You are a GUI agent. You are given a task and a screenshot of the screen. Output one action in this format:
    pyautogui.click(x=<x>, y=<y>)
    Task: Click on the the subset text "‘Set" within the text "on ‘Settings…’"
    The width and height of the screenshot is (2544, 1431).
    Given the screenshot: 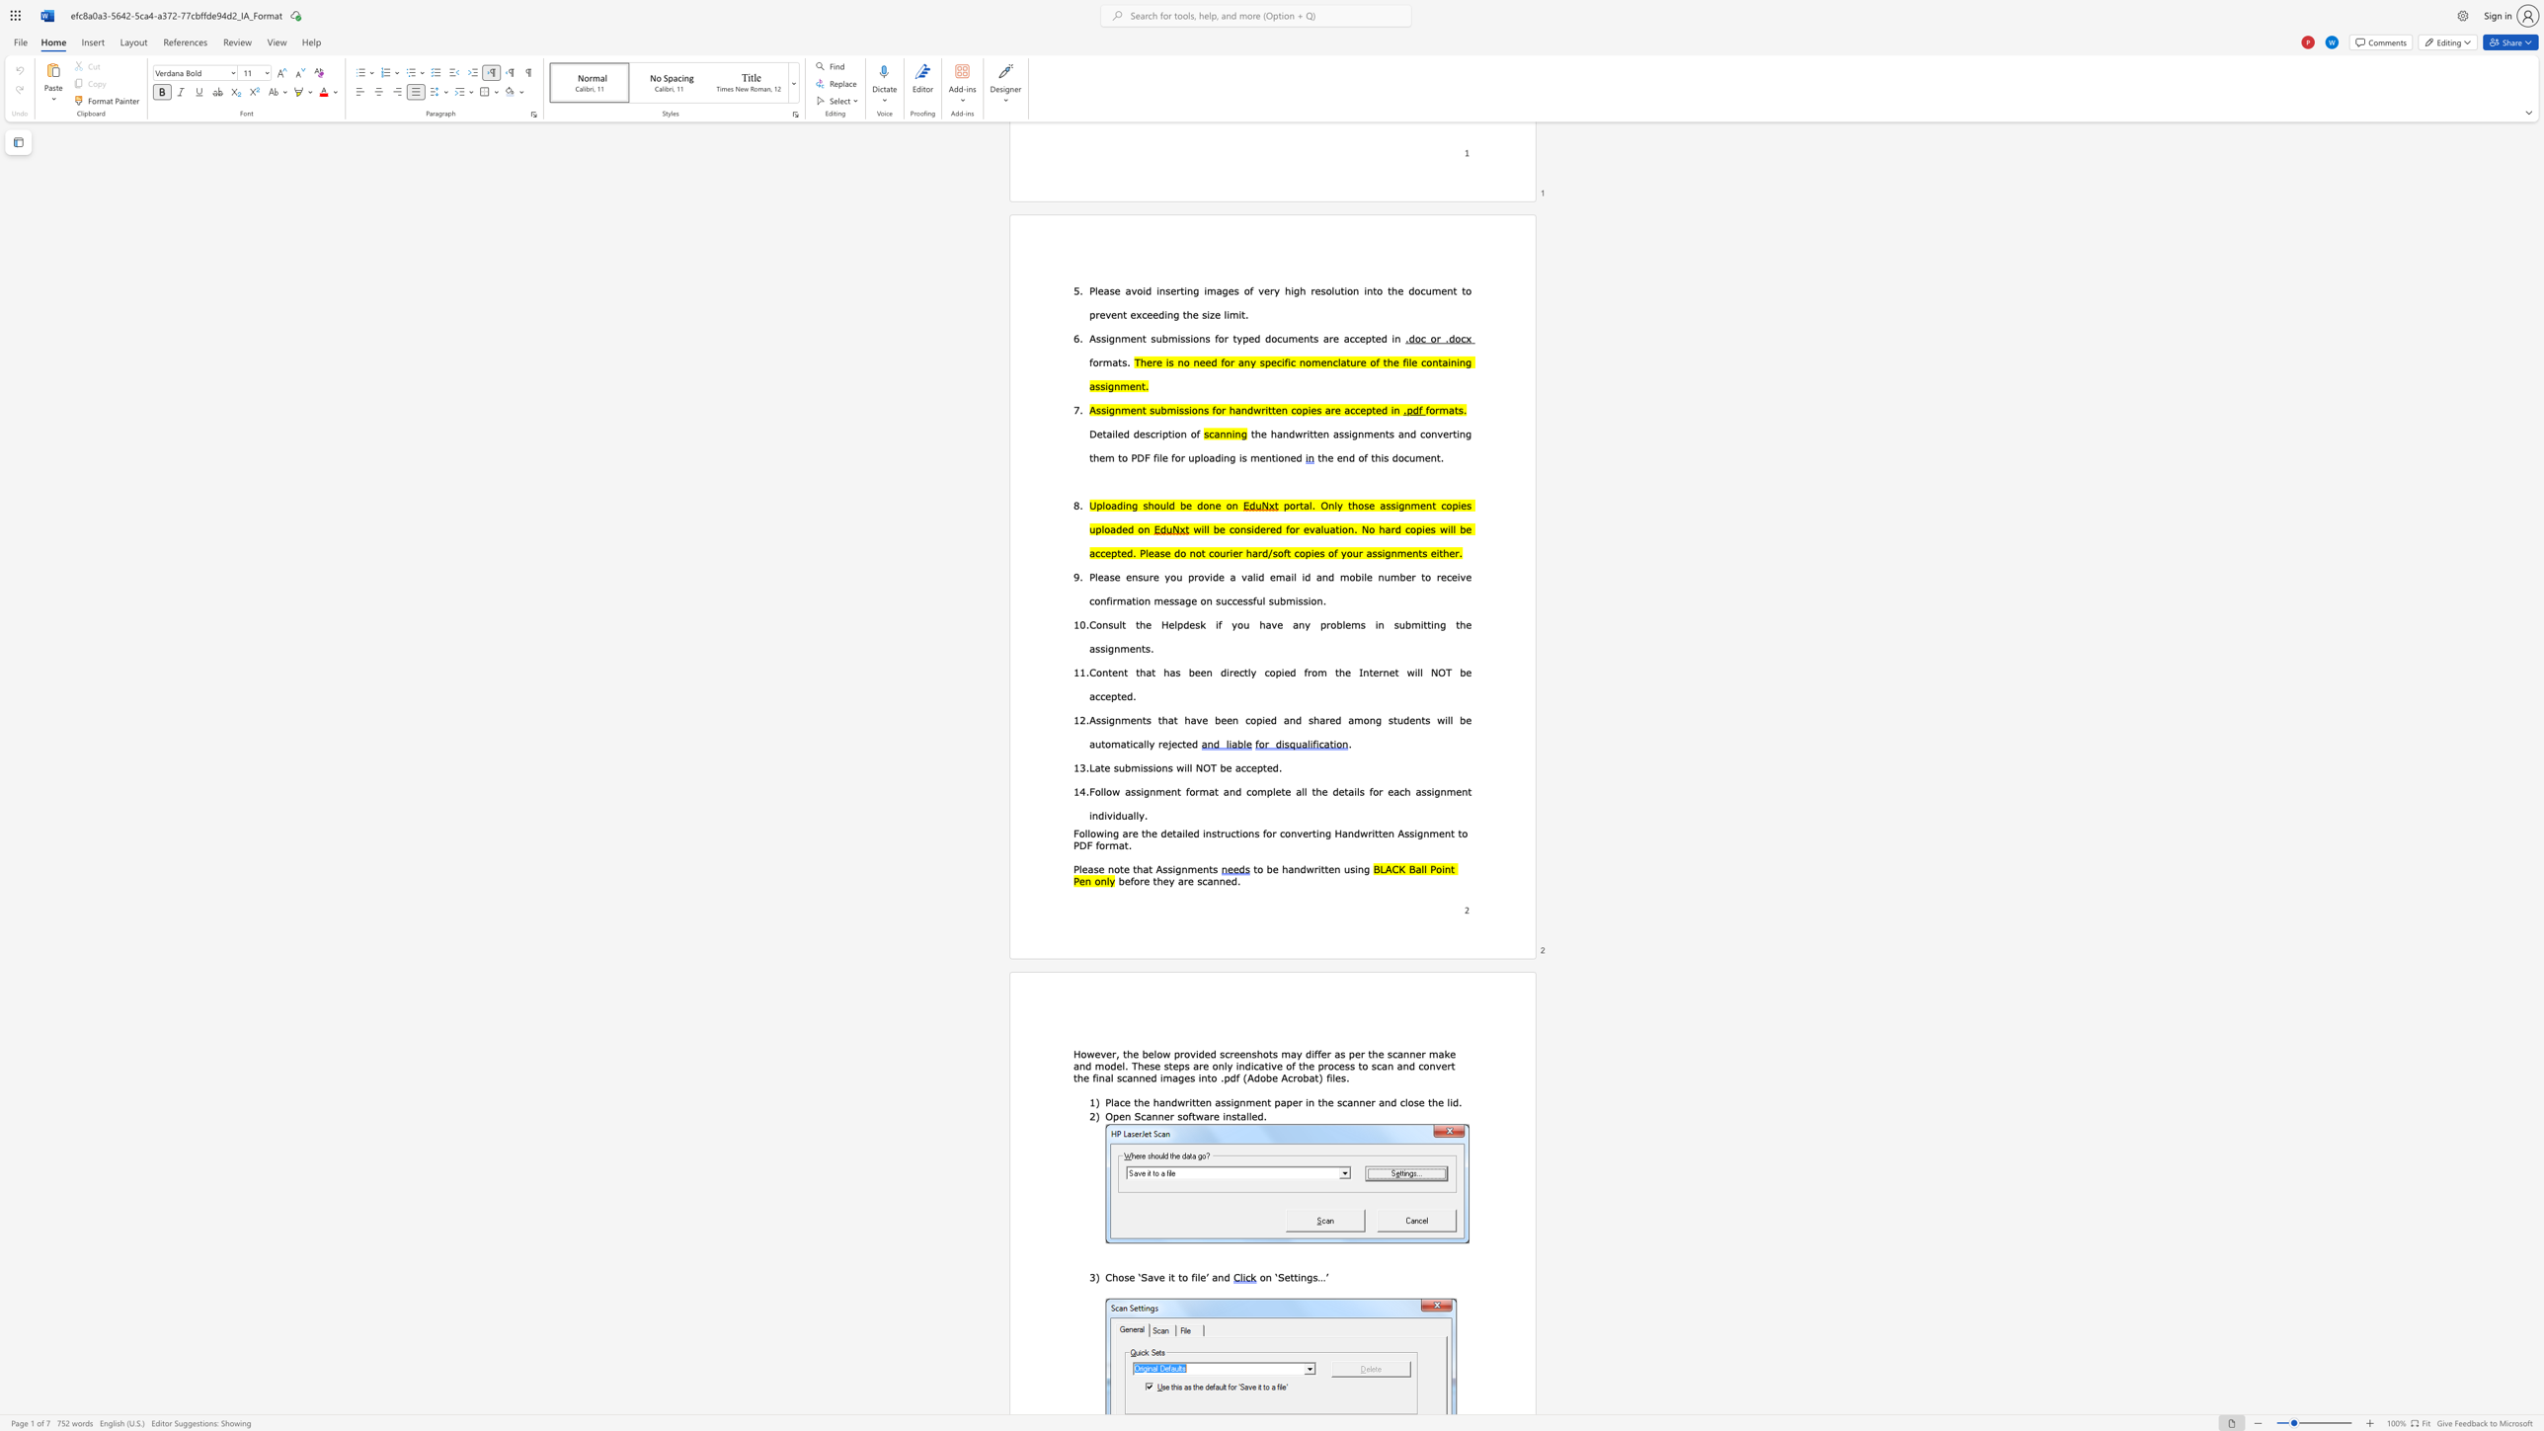 What is the action you would take?
    pyautogui.click(x=1275, y=1277)
    